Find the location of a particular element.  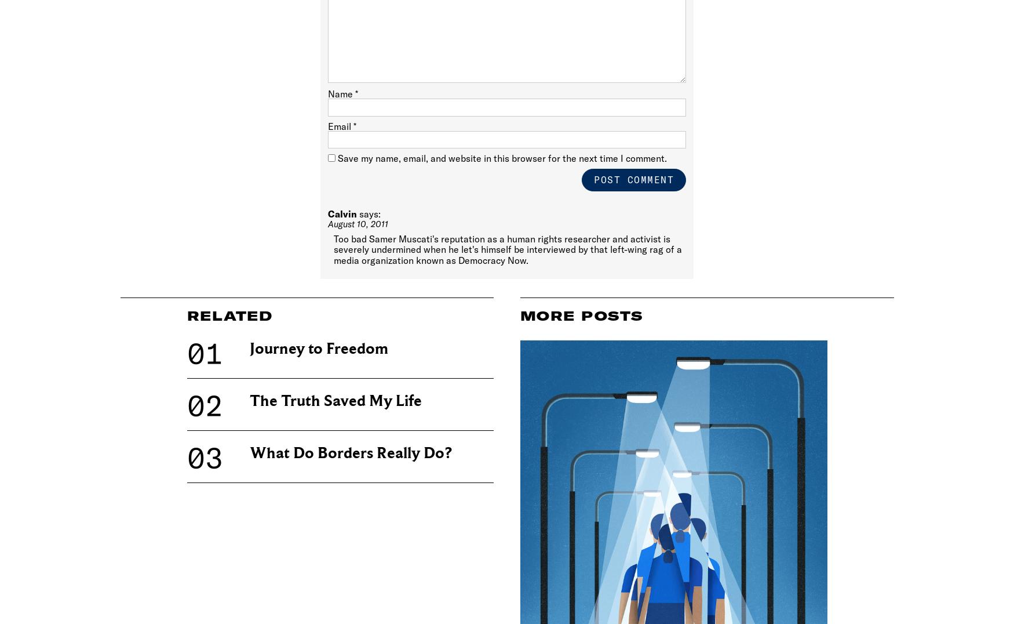

'August 10, 2011' is located at coordinates (358, 223).